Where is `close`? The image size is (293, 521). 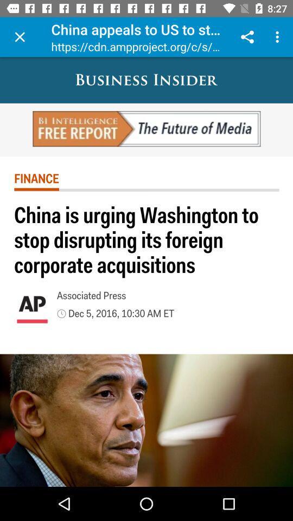 close is located at coordinates (20, 37).